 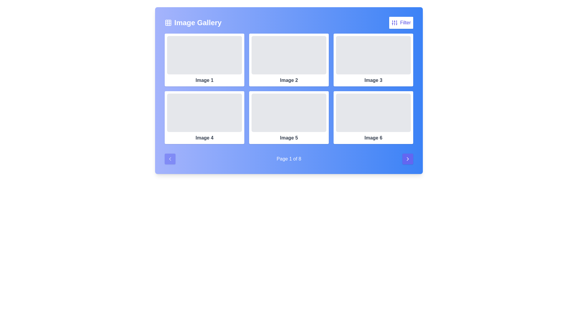 What do you see at coordinates (405, 22) in the screenshot?
I see `the label text for the button located in the upper right corner of the interface, adjacent to the filtration or sorting icon` at bounding box center [405, 22].